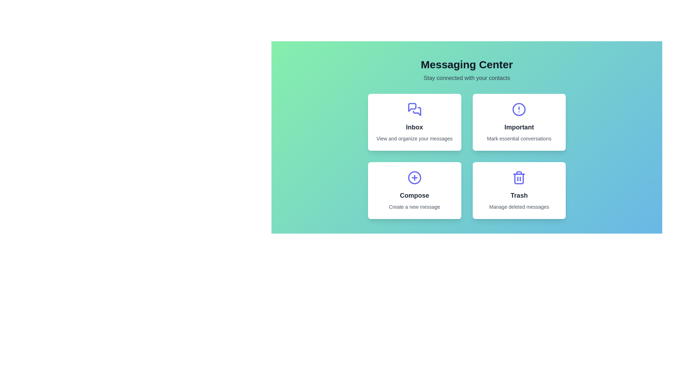  What do you see at coordinates (519, 178) in the screenshot?
I see `the main vertical frame of the trash bin icon located in the lower-right card labeled 'Trash'` at bounding box center [519, 178].